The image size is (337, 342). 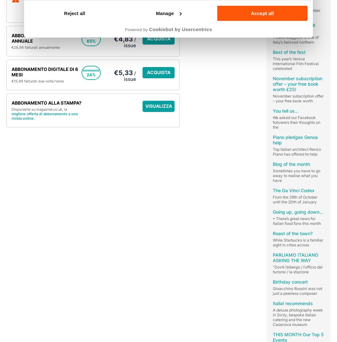 What do you see at coordinates (272, 63) in the screenshot?
I see `'This year’s Venice International Film Festival celebrated'` at bounding box center [272, 63].